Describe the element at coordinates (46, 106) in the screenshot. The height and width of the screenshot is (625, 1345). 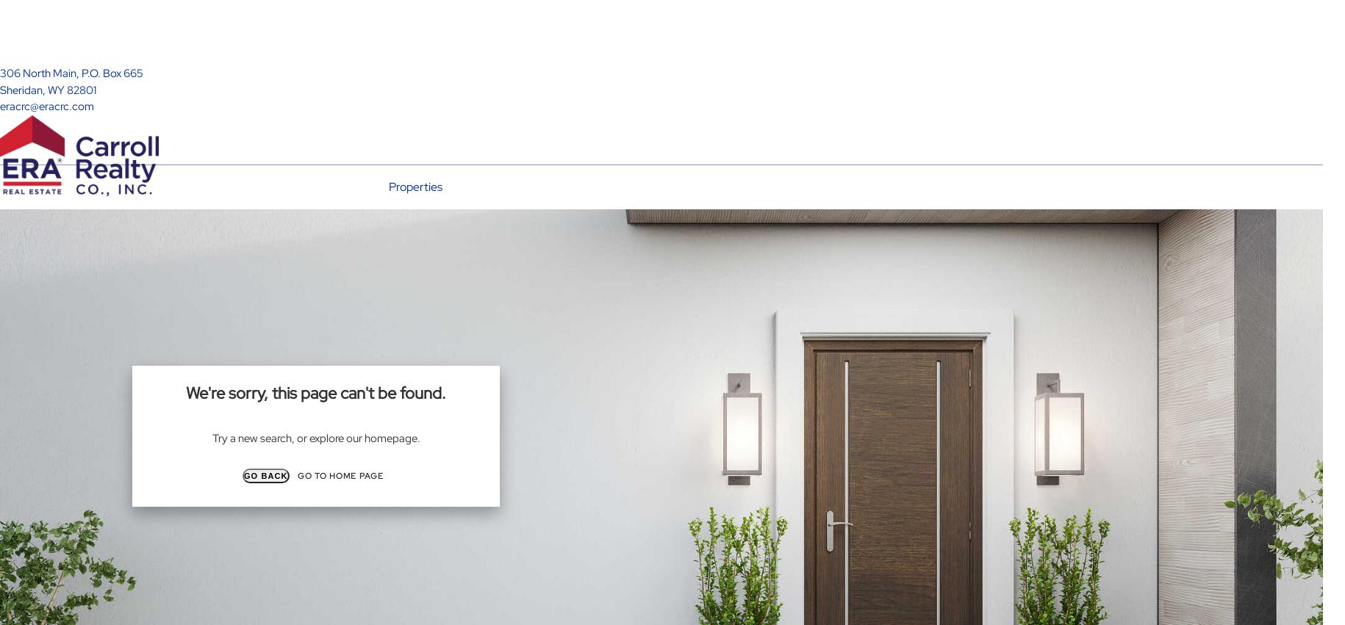
I see `'eracrc@eracrc.com'` at that location.